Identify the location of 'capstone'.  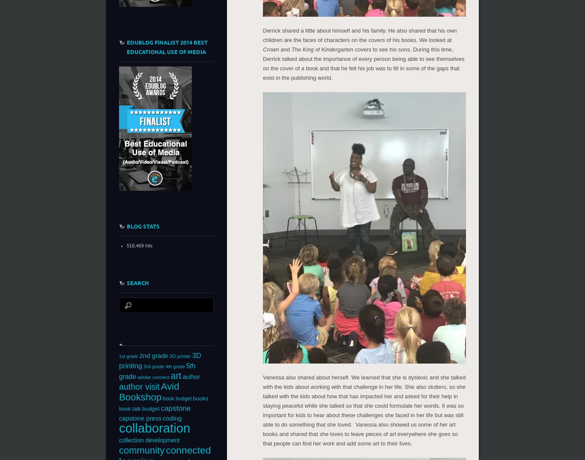
(175, 408).